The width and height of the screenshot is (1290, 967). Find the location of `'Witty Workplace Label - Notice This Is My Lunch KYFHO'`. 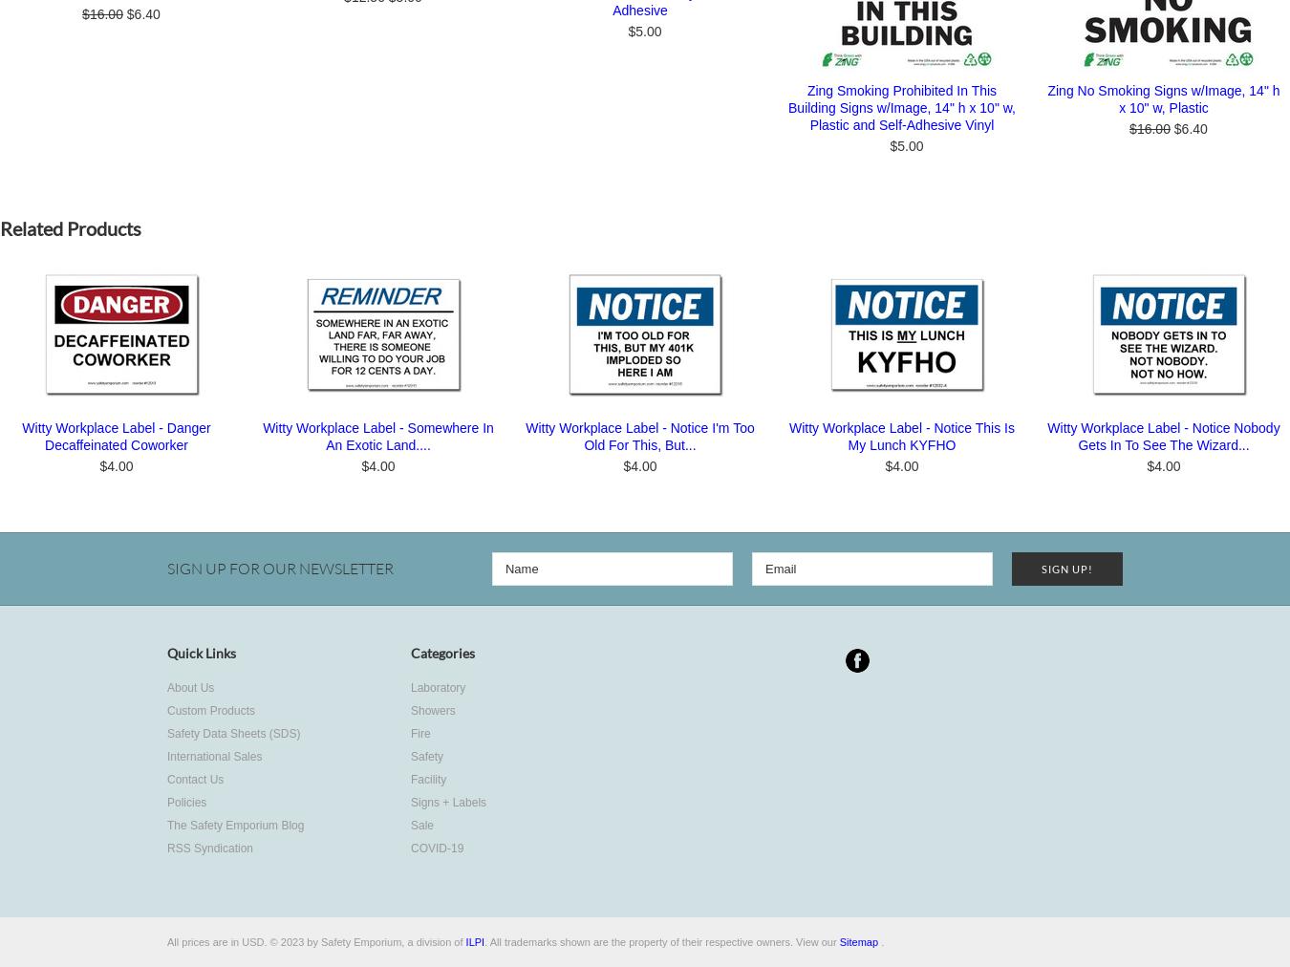

'Witty Workplace Label - Notice This Is My Lunch KYFHO' is located at coordinates (900, 437).